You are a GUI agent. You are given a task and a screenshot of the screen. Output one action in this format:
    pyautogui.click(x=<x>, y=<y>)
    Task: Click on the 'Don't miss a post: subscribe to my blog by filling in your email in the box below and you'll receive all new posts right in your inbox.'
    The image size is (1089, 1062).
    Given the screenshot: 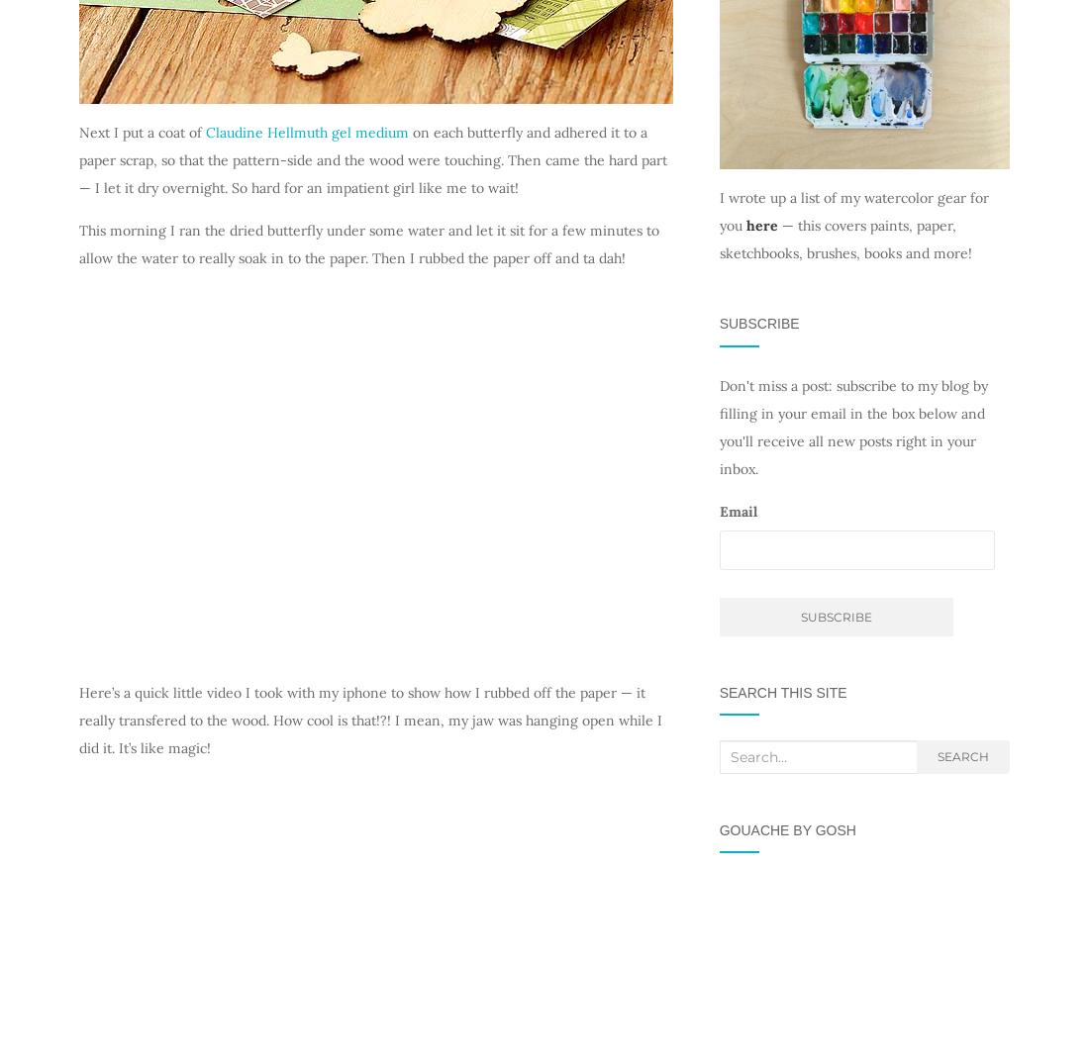 What is the action you would take?
    pyautogui.click(x=851, y=427)
    